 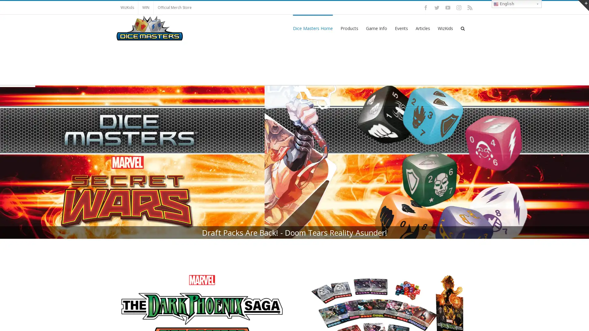 I want to click on Search, so click(x=463, y=28).